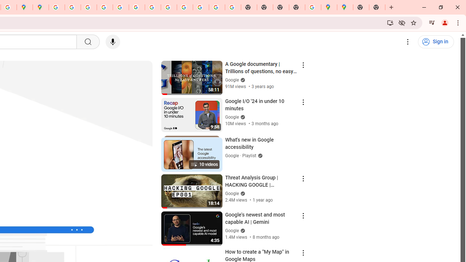  What do you see at coordinates (242, 230) in the screenshot?
I see `'Verified'` at bounding box center [242, 230].